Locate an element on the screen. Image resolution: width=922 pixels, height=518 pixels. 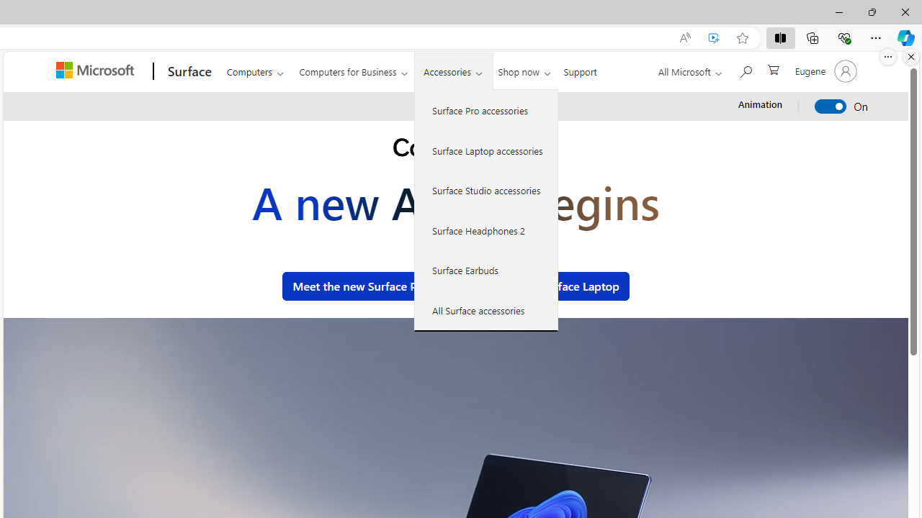
'All Surface accessories' is located at coordinates (486, 309).